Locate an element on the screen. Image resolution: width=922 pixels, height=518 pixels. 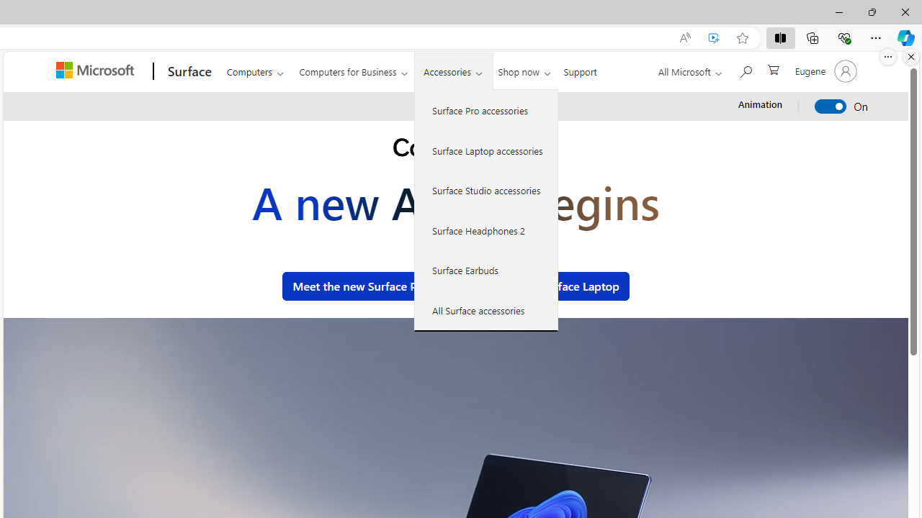
'All Surface accessories' is located at coordinates (486, 309).